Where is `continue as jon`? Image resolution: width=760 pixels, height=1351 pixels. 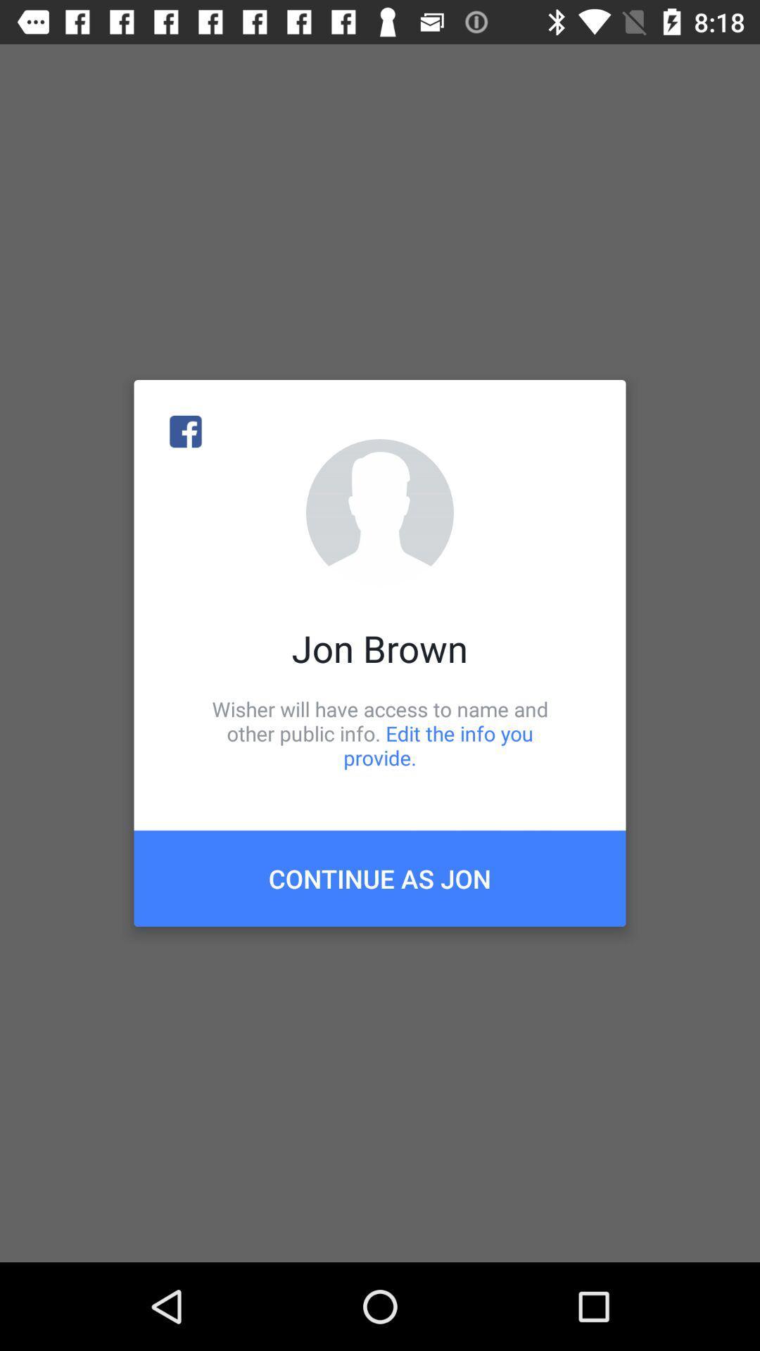 continue as jon is located at coordinates (380, 877).